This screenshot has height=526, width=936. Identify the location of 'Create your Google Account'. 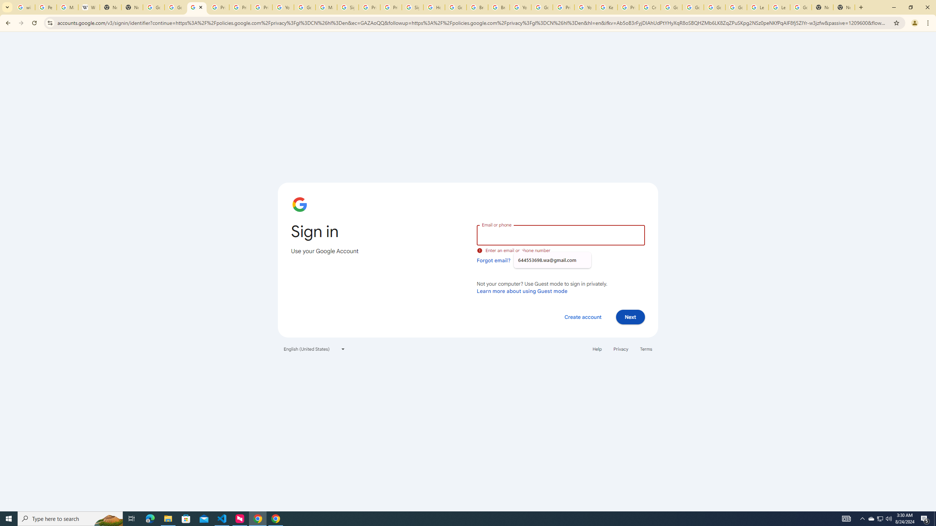
(649, 7).